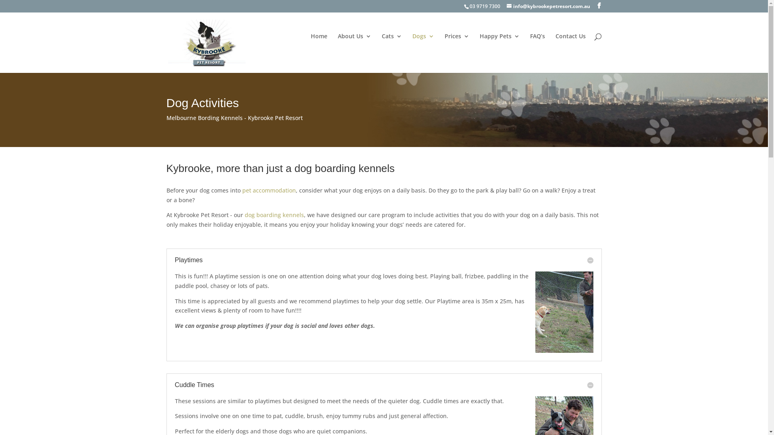  What do you see at coordinates (268, 190) in the screenshot?
I see `'pet accommodation'` at bounding box center [268, 190].